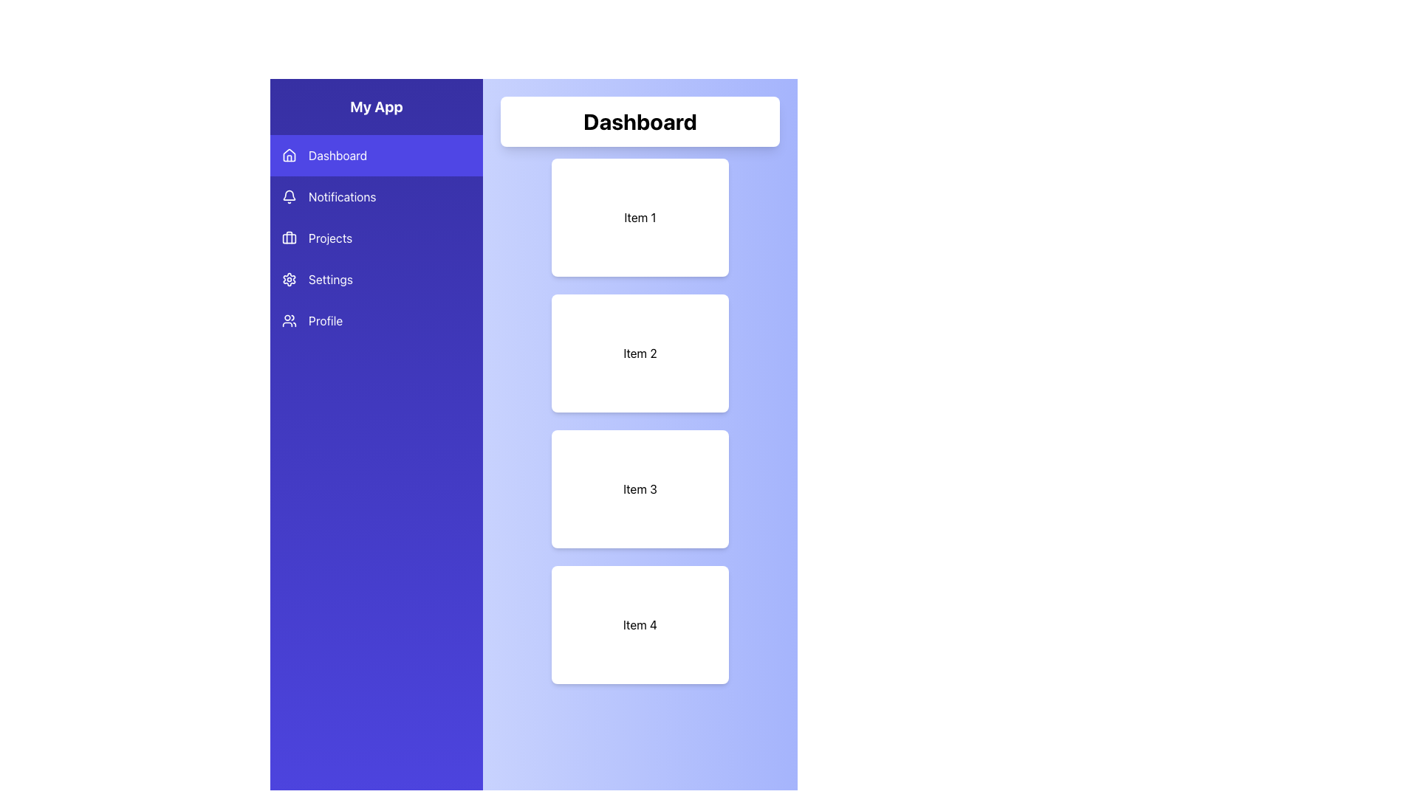 This screenshot has width=1418, height=797. What do you see at coordinates (341, 196) in the screenshot?
I see `the 'Notifications' label in the left navigation menu, which is the second item from the top and displays white text on a purple background` at bounding box center [341, 196].